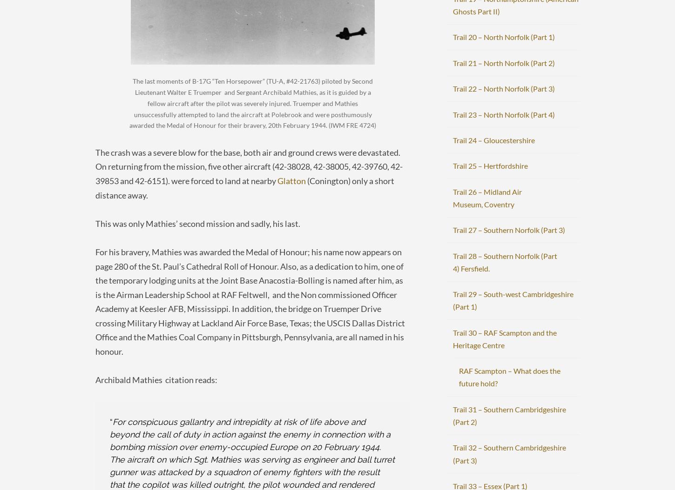  Describe the element at coordinates (245, 187) in the screenshot. I see `'(Conington) only a short distance away.'` at that location.